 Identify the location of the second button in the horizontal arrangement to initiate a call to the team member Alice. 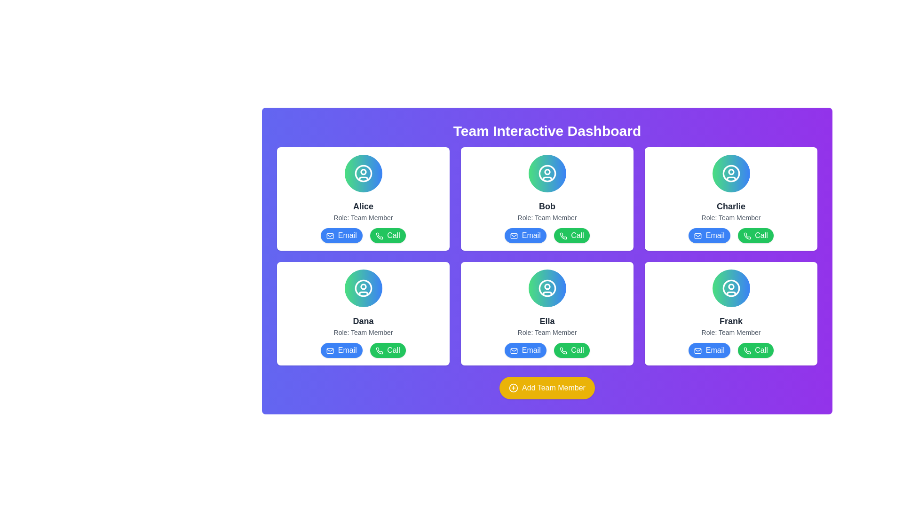
(388, 235).